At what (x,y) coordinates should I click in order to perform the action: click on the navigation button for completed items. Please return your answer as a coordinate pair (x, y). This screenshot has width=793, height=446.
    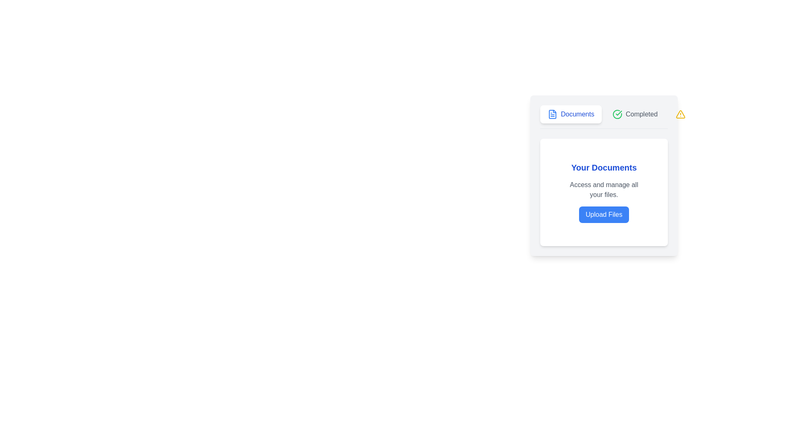
    Looking at the image, I should click on (634, 114).